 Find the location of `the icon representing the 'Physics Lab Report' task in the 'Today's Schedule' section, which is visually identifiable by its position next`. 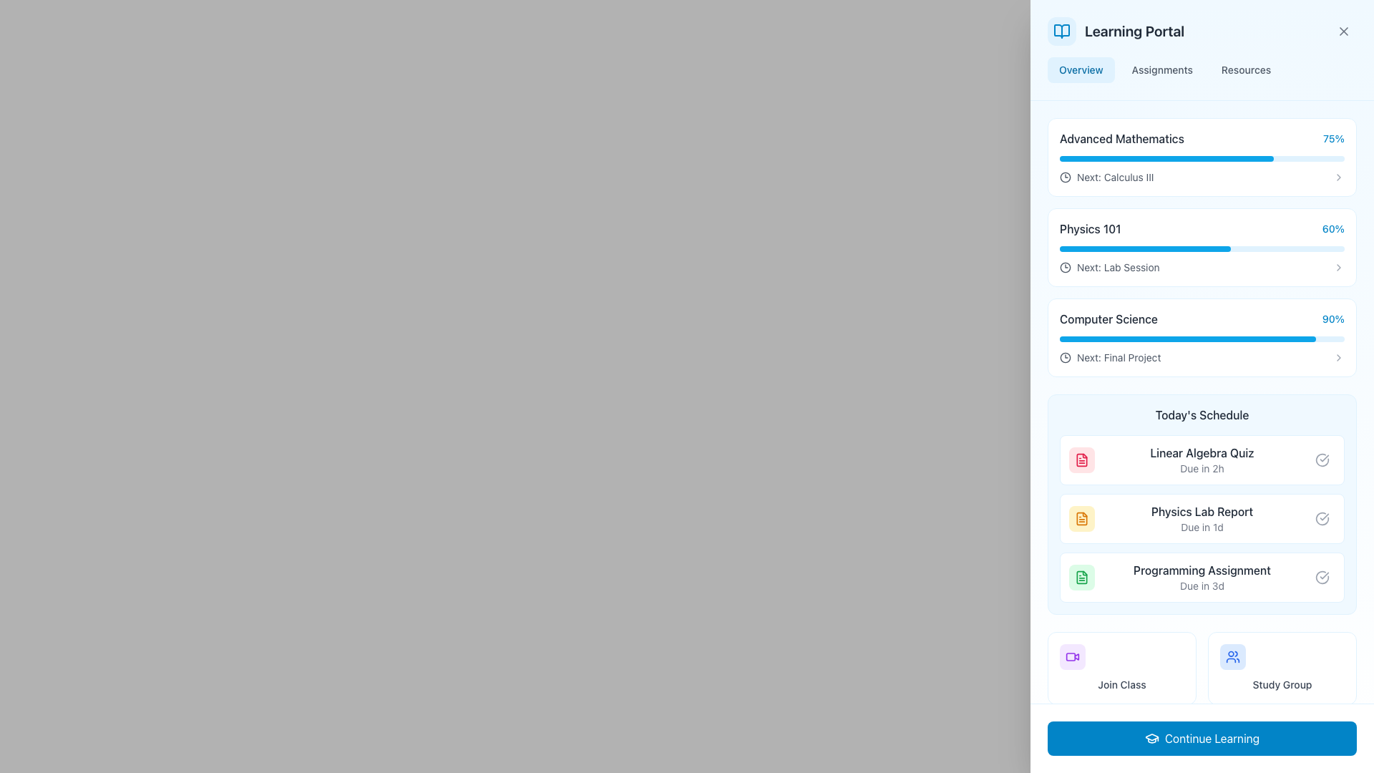

the icon representing the 'Physics Lab Report' task in the 'Today's Schedule' section, which is visually identifiable by its position next is located at coordinates (1082, 519).